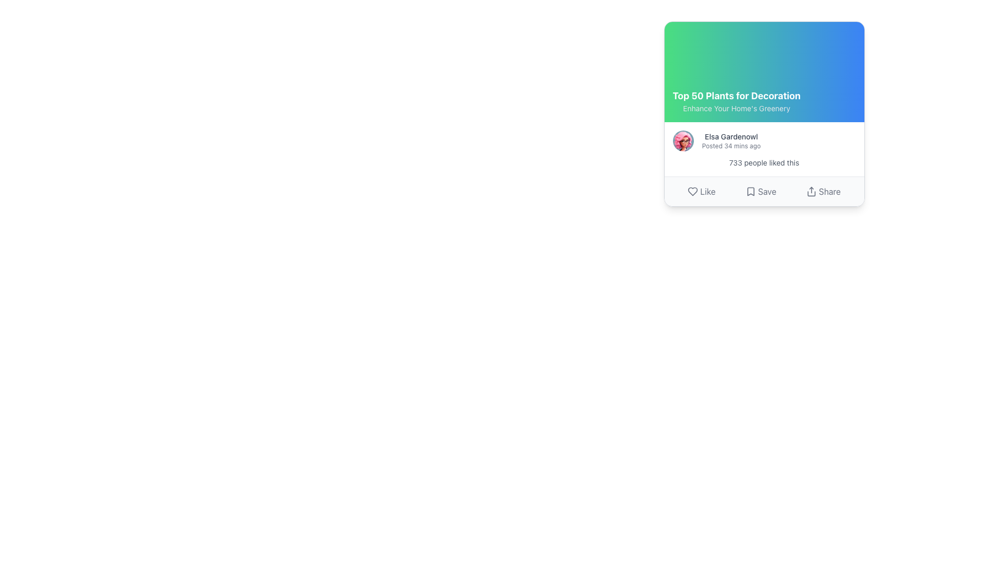  I want to click on the static text label displaying 'Posted 34 mins ago', located below 'Elsa Gardenowl' in the user activity section of the card, so click(731, 146).